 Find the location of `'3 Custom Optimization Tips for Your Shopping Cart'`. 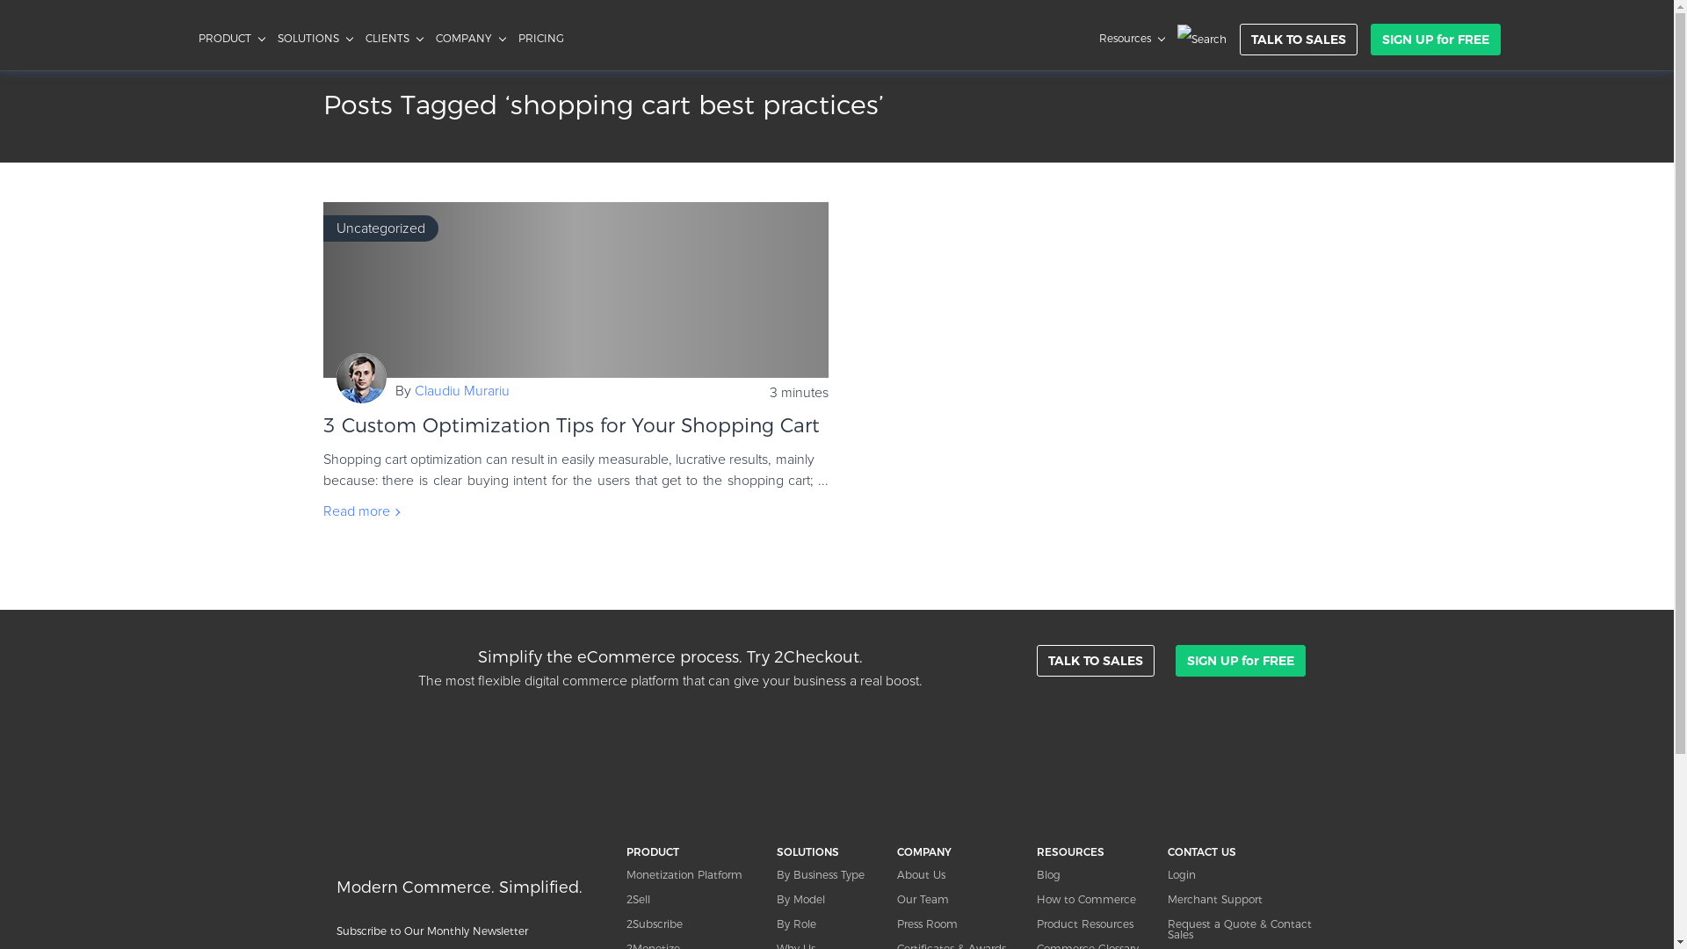

'3 Custom Optimization Tips for Your Shopping Cart' is located at coordinates (571, 424).